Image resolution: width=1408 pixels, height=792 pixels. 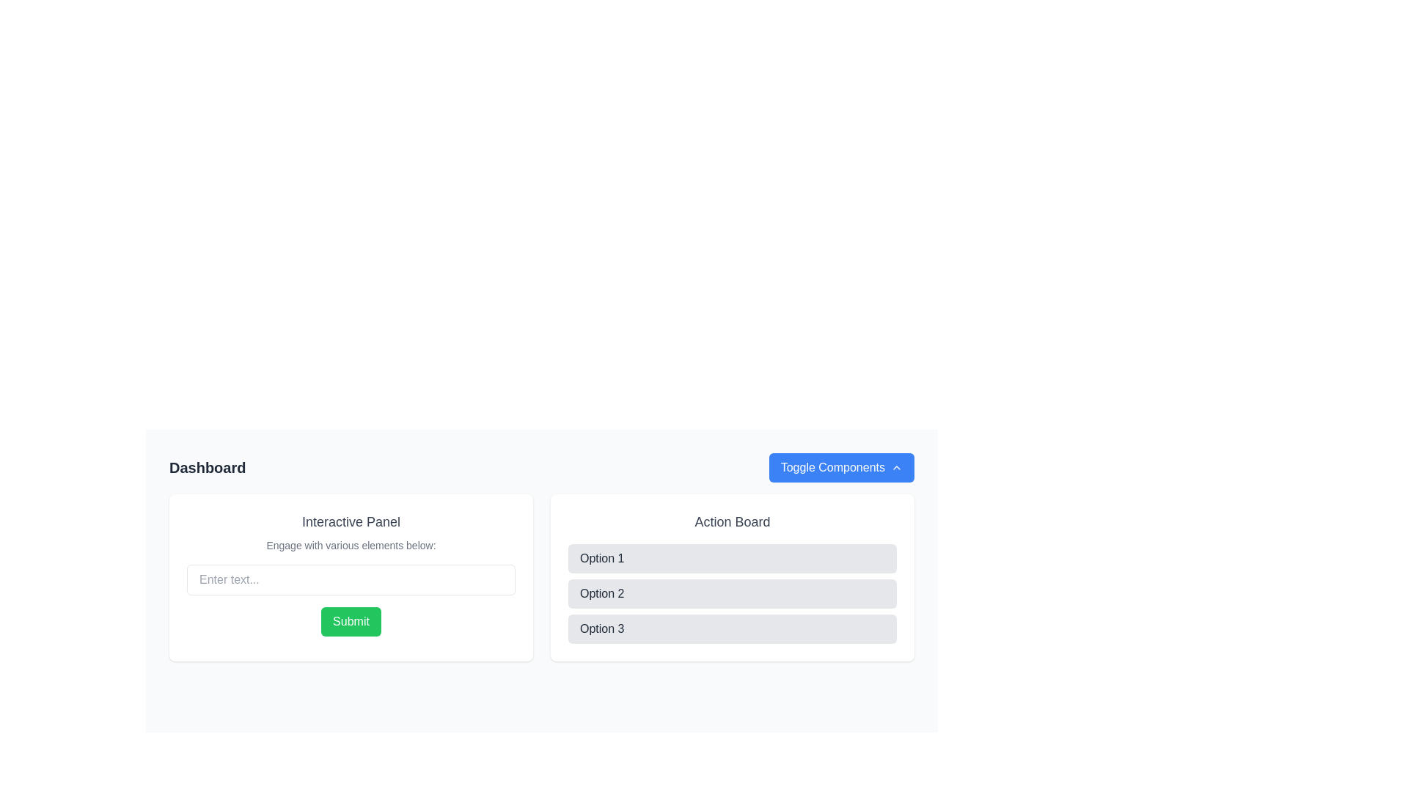 What do you see at coordinates (732, 628) in the screenshot?
I see `the third button labeled 'Option 3' in the 'Action Board'` at bounding box center [732, 628].